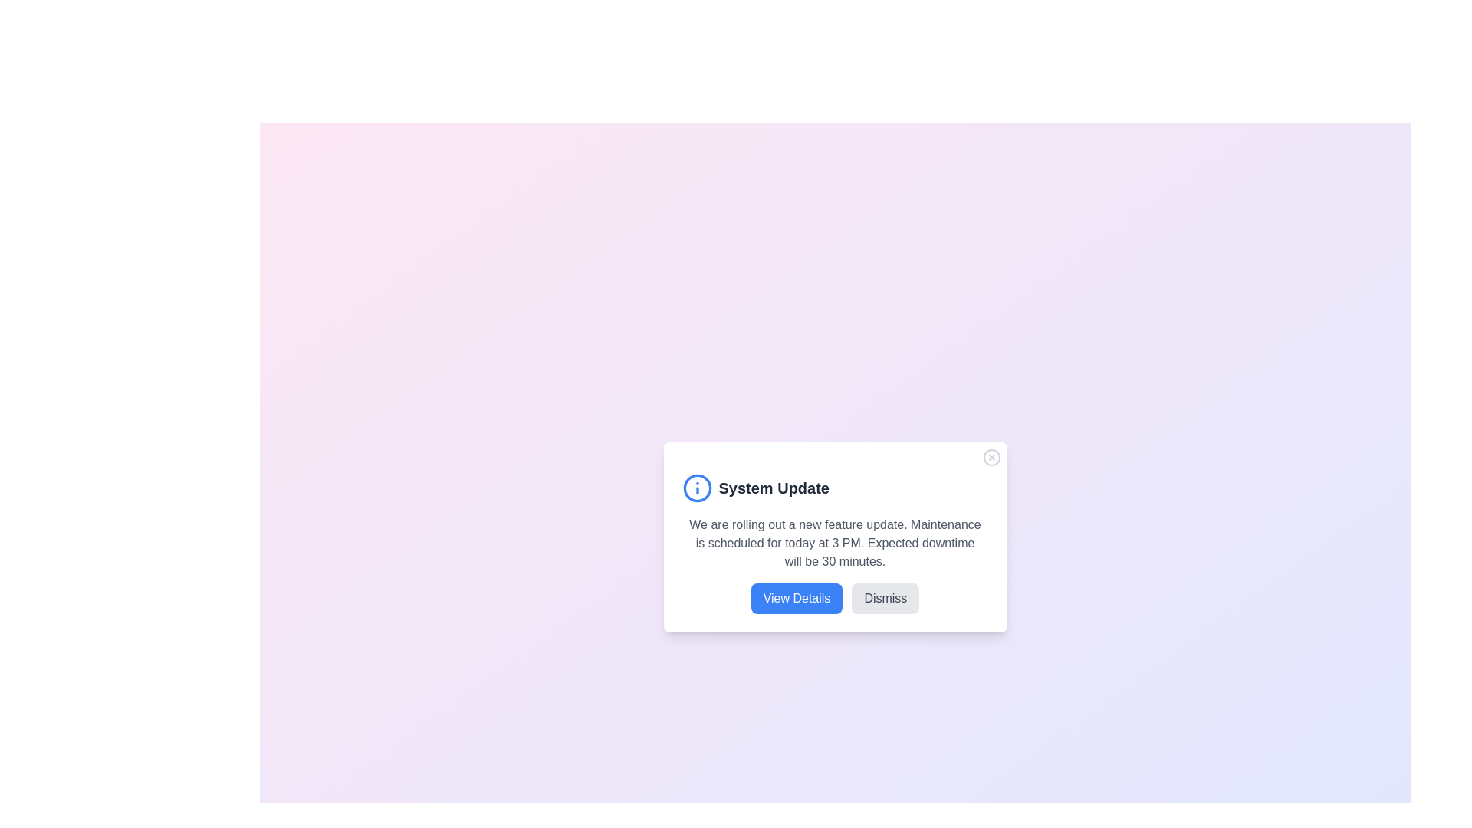  What do you see at coordinates (886, 597) in the screenshot?
I see `the 'Dismiss' button, which is a gray button with rounded corners located to the right of the 'View Details' button in a modal dialog box` at bounding box center [886, 597].